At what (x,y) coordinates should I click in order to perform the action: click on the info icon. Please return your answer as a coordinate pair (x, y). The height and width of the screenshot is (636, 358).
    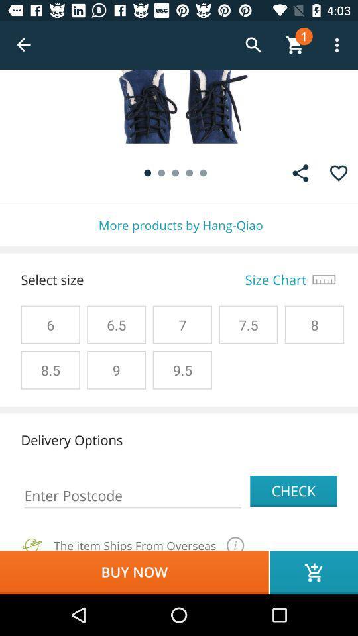
    Looking at the image, I should click on (235, 543).